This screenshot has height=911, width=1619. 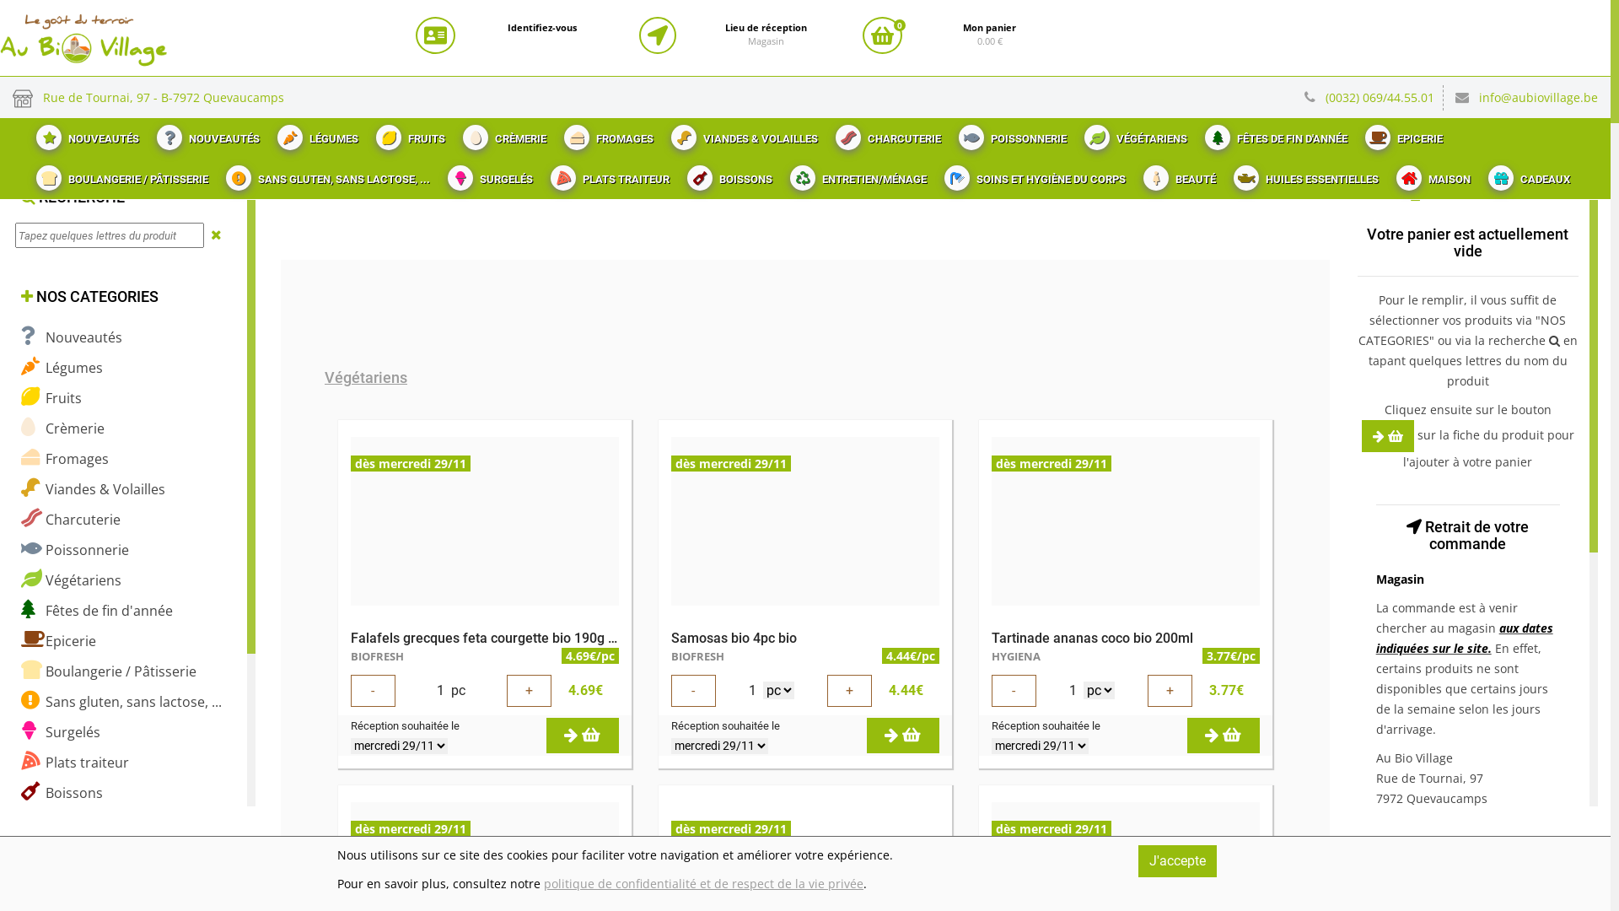 What do you see at coordinates (1538, 97) in the screenshot?
I see `'info@aubiovillage.be'` at bounding box center [1538, 97].